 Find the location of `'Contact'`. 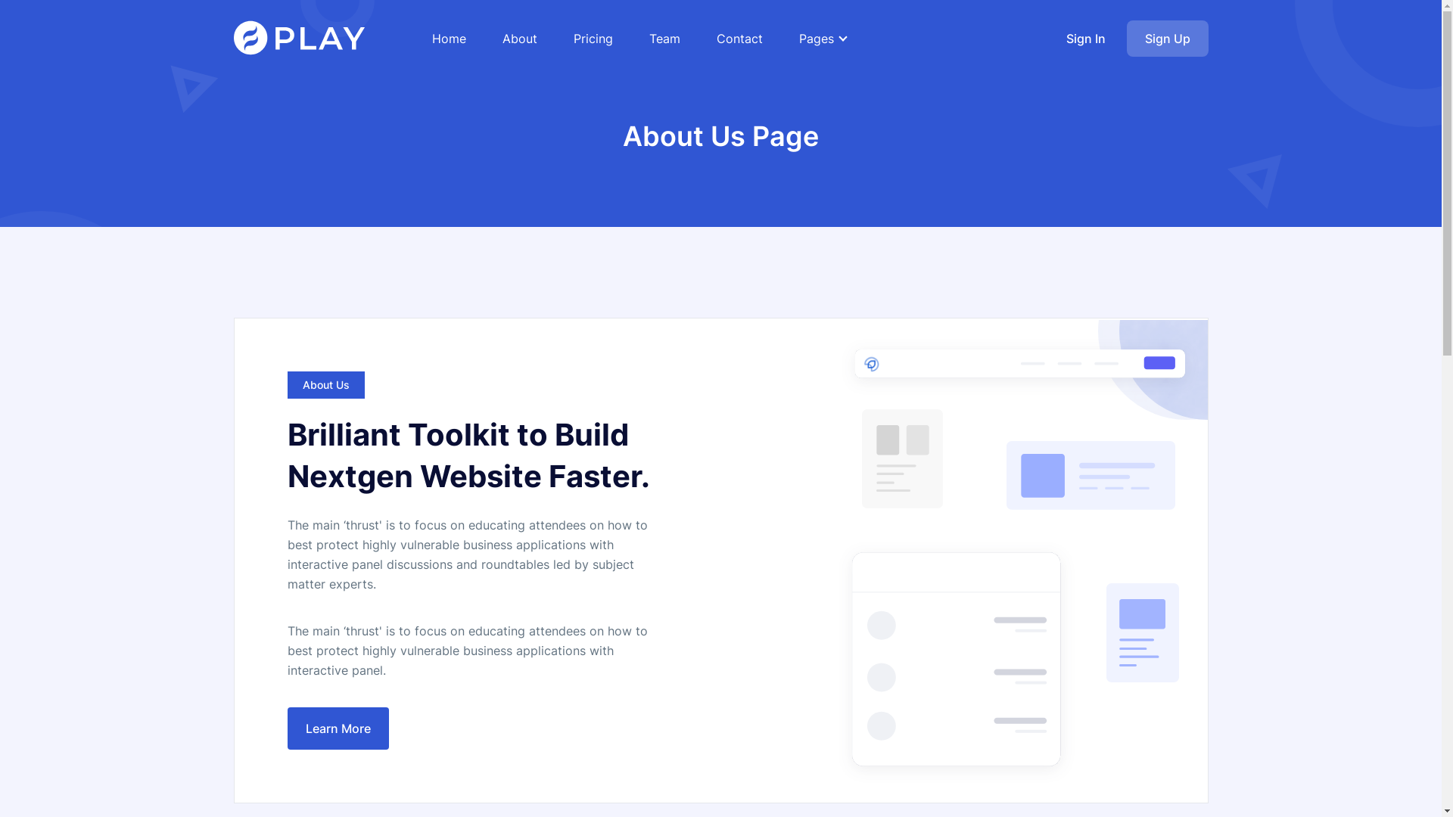

'Contact' is located at coordinates (715, 37).